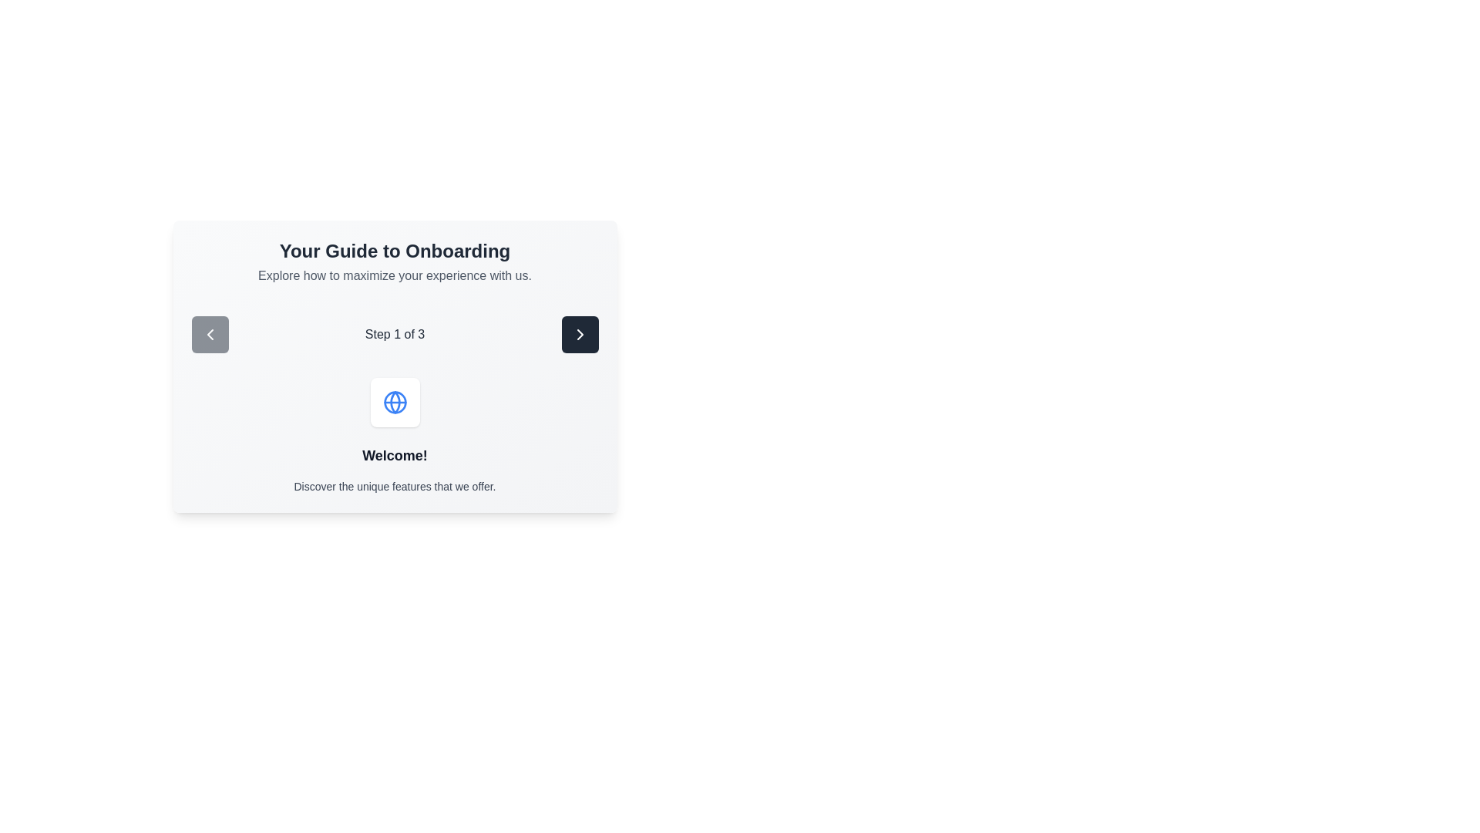  I want to click on the chevron icon located at the bottom-right of the onboarding card, so click(579, 334).